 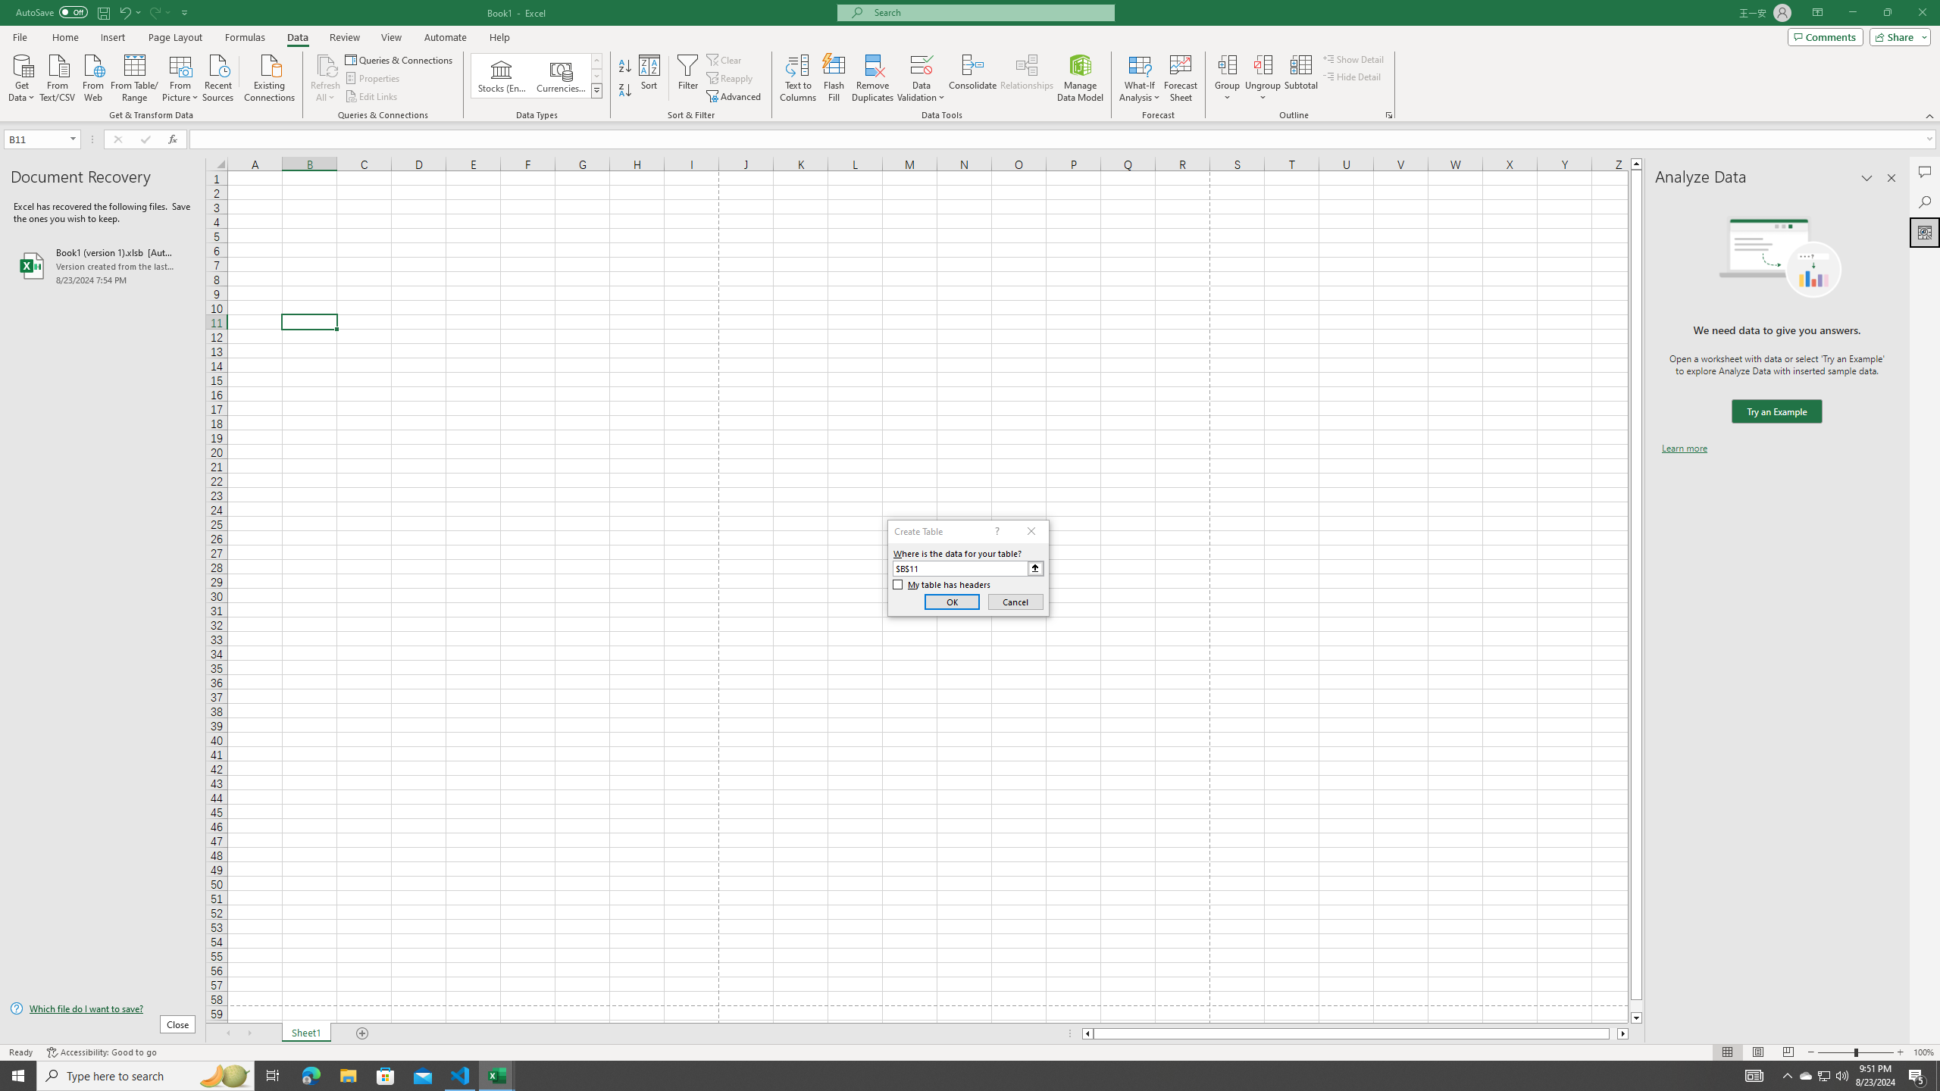 What do you see at coordinates (154, 11) in the screenshot?
I see `'Redo'` at bounding box center [154, 11].